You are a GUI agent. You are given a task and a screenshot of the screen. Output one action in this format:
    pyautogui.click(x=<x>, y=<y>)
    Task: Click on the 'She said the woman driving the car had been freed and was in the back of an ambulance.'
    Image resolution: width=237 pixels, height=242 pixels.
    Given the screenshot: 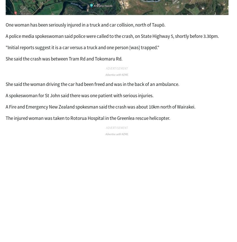 What is the action you would take?
    pyautogui.click(x=6, y=84)
    